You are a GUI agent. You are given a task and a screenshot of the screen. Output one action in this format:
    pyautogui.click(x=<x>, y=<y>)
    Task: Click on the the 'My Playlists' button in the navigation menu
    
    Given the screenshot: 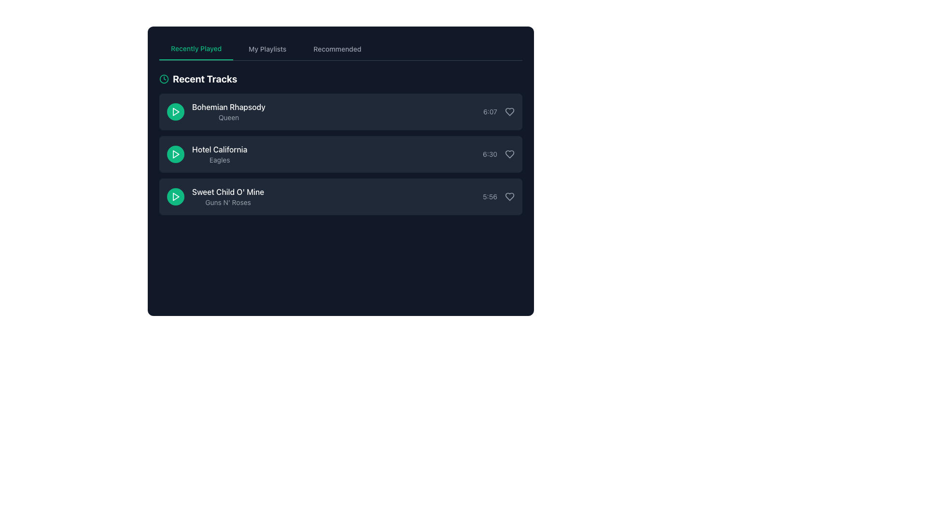 What is the action you would take?
    pyautogui.click(x=267, y=49)
    